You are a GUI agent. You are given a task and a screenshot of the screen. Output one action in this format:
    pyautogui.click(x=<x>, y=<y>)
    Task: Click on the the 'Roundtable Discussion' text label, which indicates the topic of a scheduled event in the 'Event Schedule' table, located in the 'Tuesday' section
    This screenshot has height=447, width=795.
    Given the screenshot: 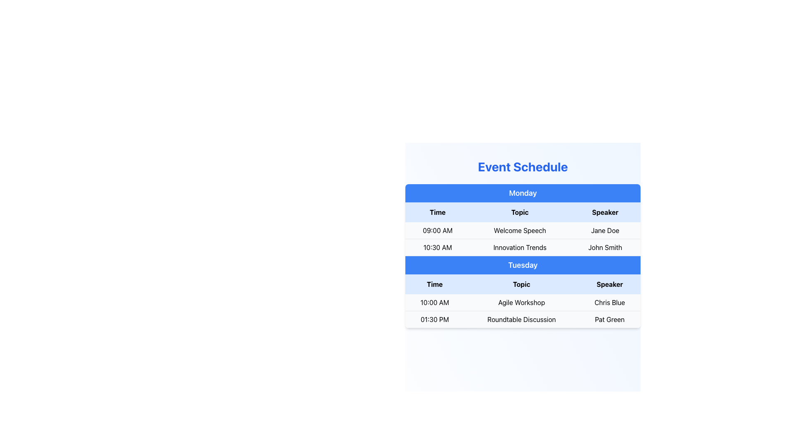 What is the action you would take?
    pyautogui.click(x=521, y=319)
    